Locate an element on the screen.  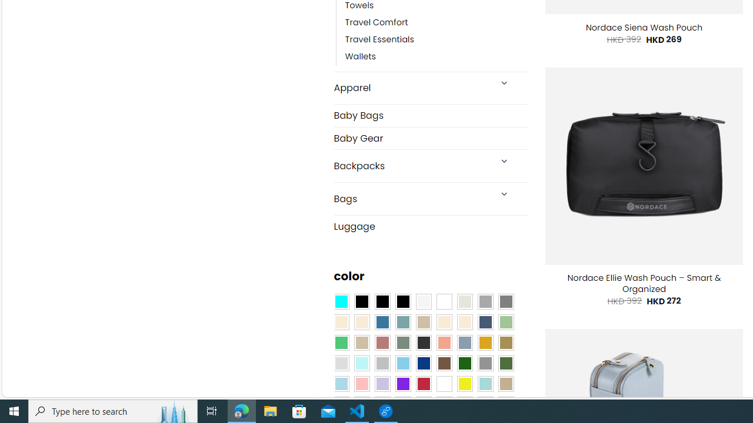
'Purple' is located at coordinates (402, 384).